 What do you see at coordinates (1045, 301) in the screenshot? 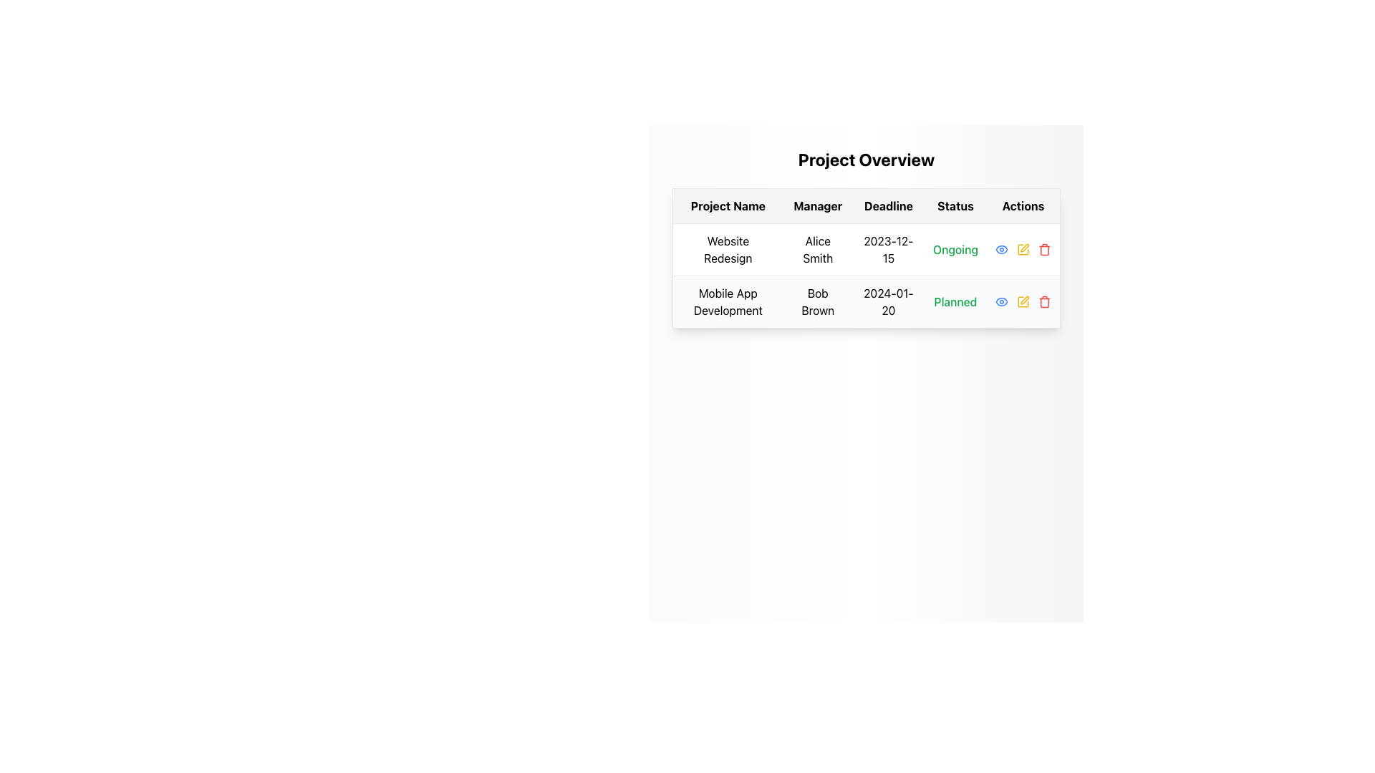
I see `the delete button in the 'Actions' column of the second row labeled 'Mobile App Development' to change its appearance` at bounding box center [1045, 301].